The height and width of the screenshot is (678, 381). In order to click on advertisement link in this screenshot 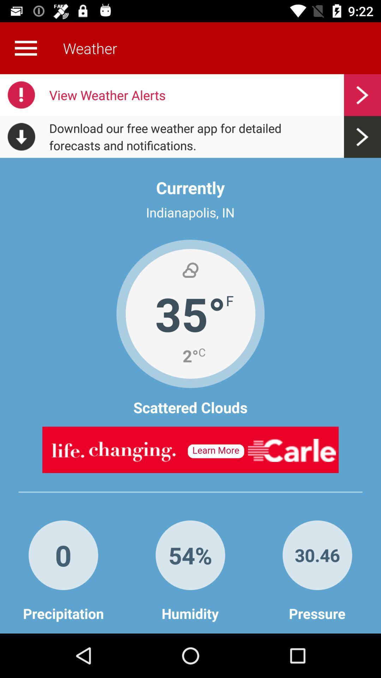, I will do `click(190, 449)`.